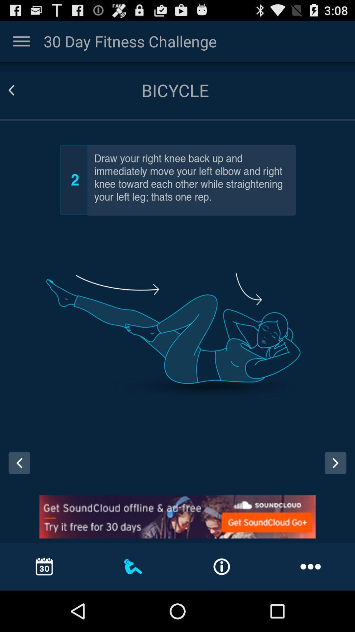 The width and height of the screenshot is (355, 632). I want to click on the button was made to move to the next page, so click(338, 469).